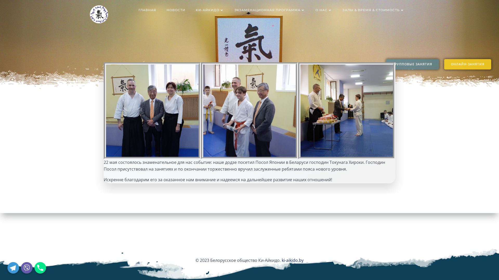 The height and width of the screenshot is (280, 499). Describe the element at coordinates (293, 260) in the screenshot. I see `'ki-aikido.by'` at that location.